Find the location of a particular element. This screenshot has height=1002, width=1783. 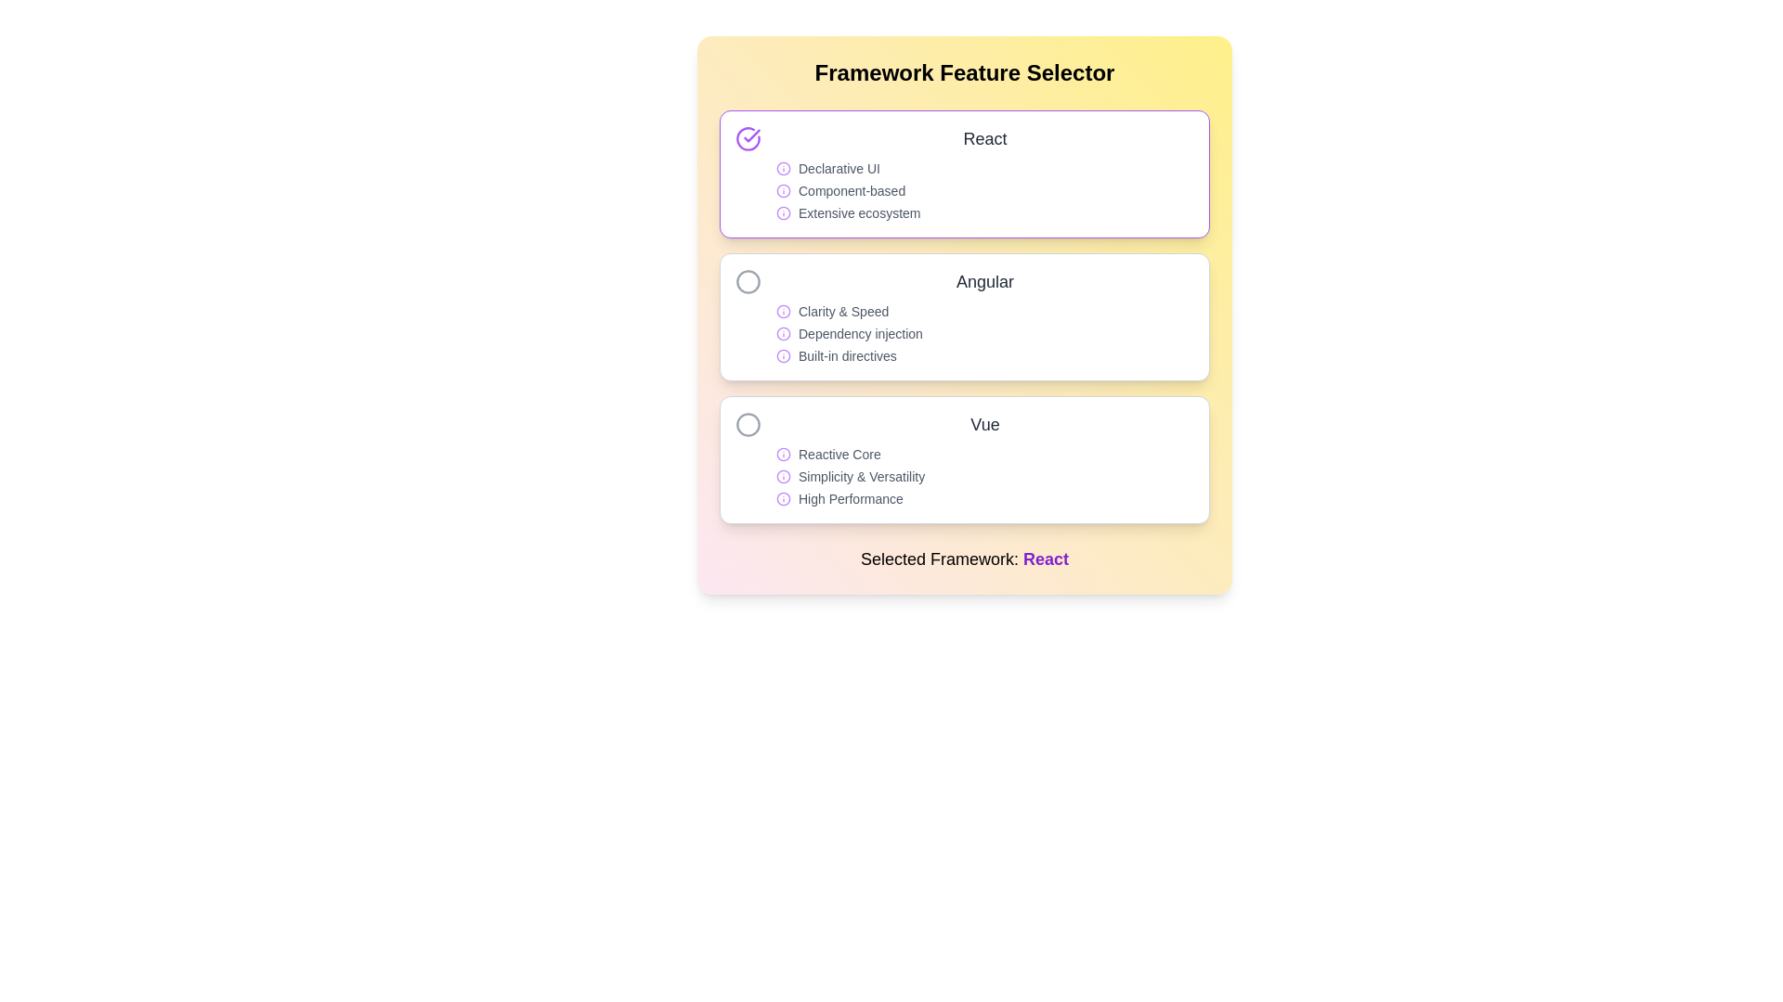

the check mark icon indicating that the 'React' framework option is selected in the feature selector interface, which is positioned to the left of the text 'React' in the topmost card is located at coordinates (752, 135).